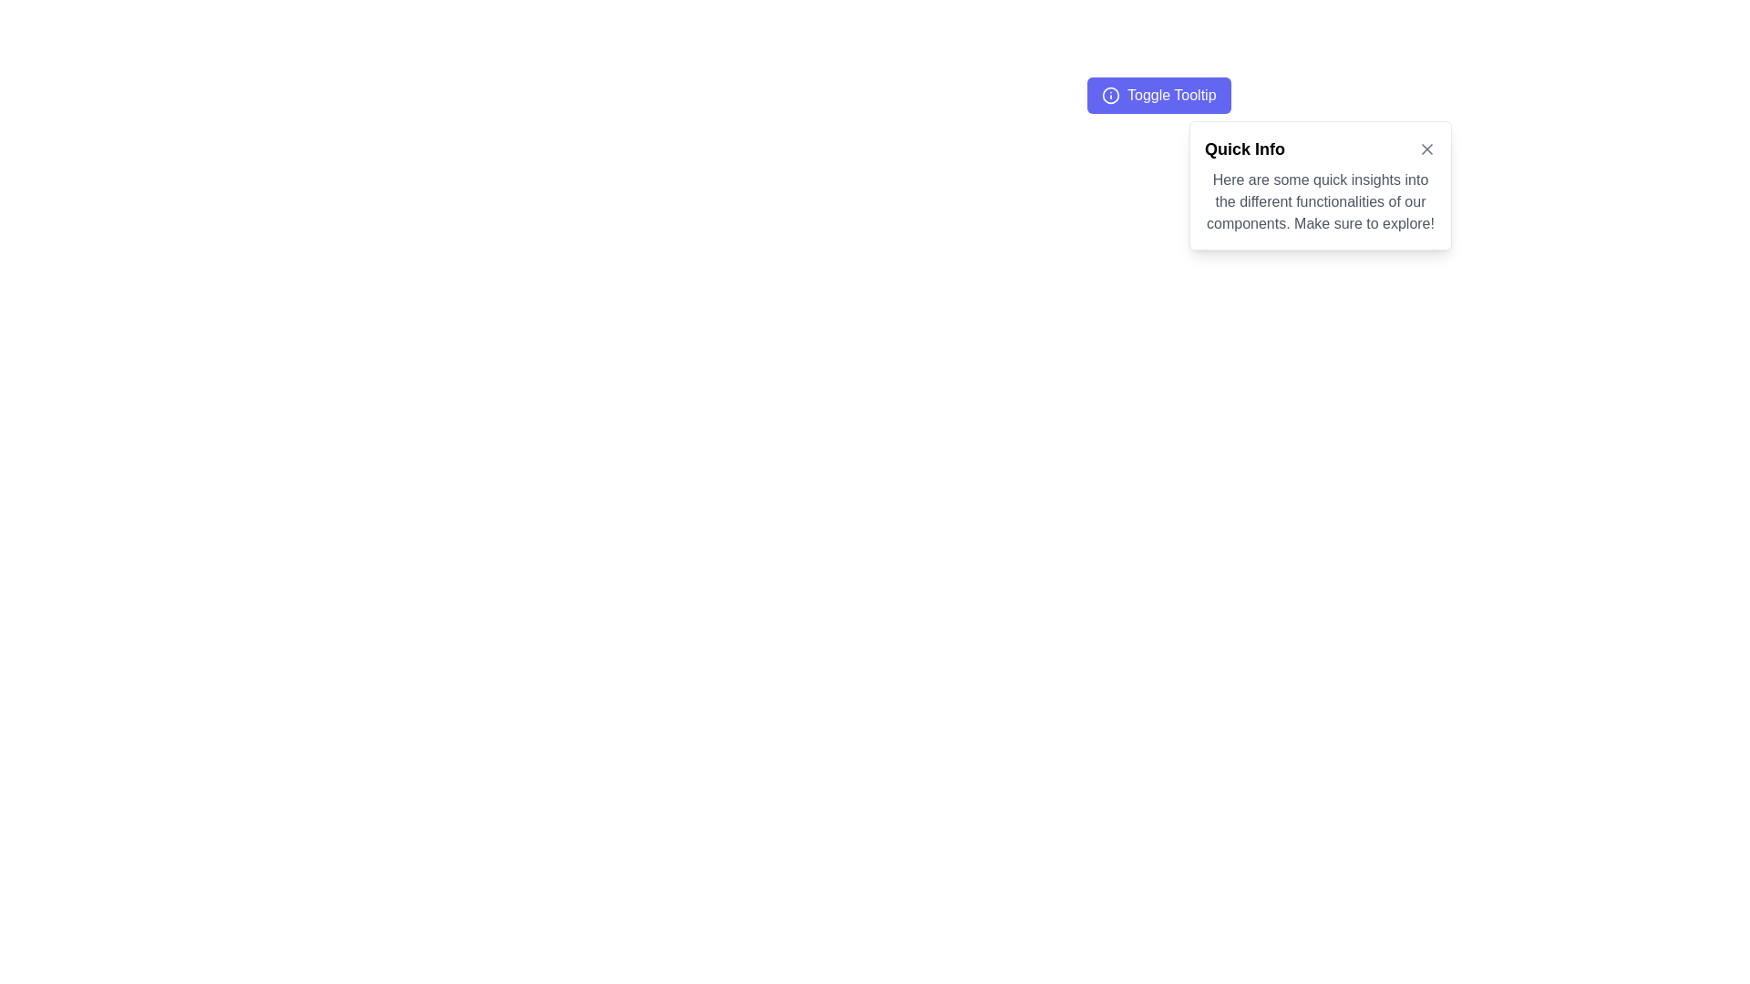  What do you see at coordinates (1244, 149) in the screenshot?
I see `the Text Label that serves as the header for the tooltip, positioned inside a tooltip slightly to the right of the 'Toggle Tooltip' button` at bounding box center [1244, 149].